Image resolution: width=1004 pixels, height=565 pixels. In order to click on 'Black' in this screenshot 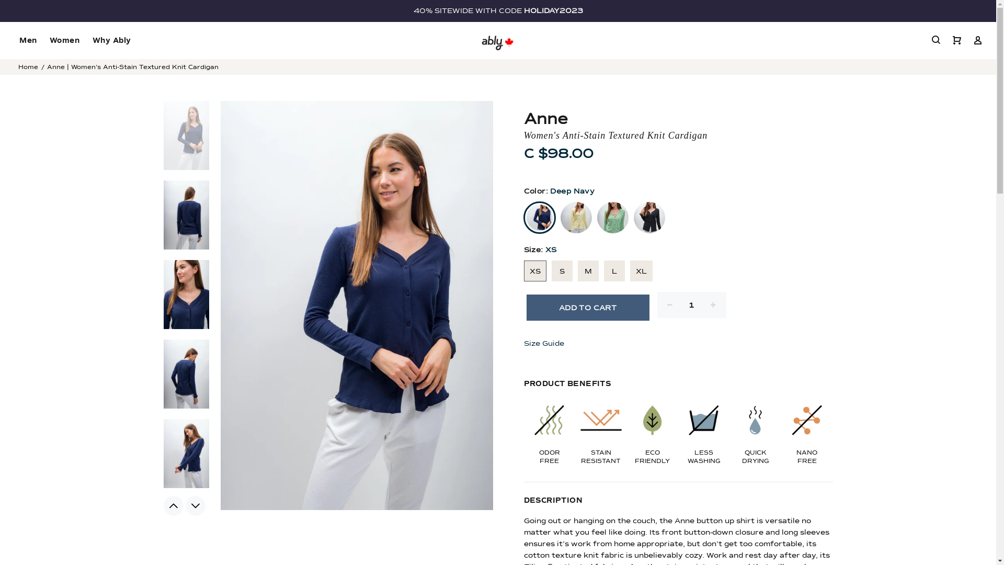, I will do `click(633, 217)`.